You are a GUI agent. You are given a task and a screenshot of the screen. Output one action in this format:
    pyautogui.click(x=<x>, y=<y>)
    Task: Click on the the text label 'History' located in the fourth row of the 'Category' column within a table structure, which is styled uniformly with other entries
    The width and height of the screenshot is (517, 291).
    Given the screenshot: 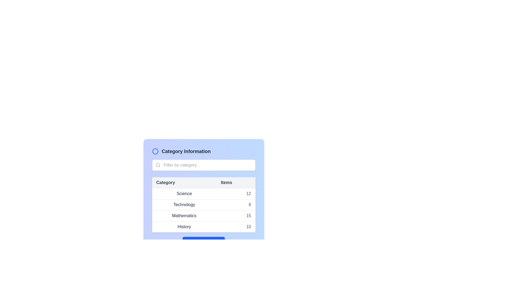 What is the action you would take?
    pyautogui.click(x=184, y=227)
    